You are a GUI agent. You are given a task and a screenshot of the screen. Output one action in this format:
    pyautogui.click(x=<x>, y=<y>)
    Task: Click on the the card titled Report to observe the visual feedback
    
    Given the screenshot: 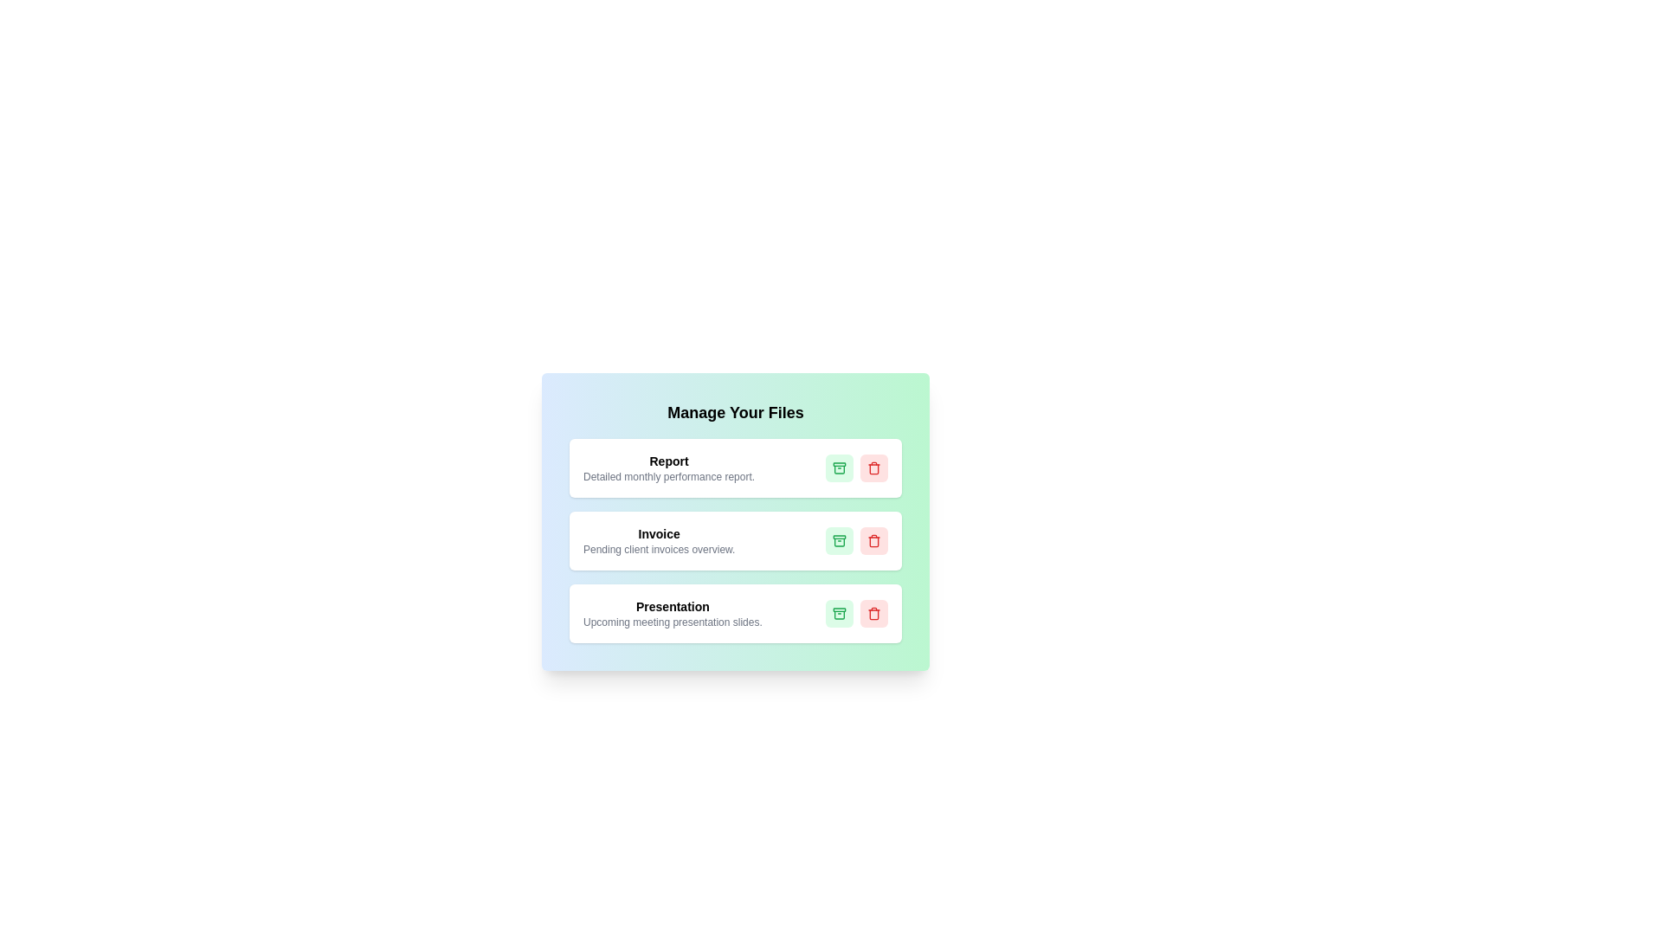 What is the action you would take?
    pyautogui.click(x=735, y=467)
    